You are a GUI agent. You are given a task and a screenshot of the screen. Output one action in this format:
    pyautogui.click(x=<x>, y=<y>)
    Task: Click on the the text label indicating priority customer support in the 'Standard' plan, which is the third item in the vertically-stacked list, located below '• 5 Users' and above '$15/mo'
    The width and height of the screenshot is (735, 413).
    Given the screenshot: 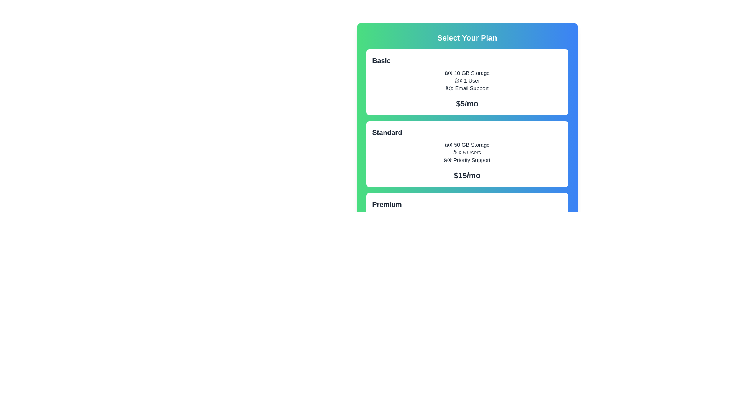 What is the action you would take?
    pyautogui.click(x=467, y=160)
    